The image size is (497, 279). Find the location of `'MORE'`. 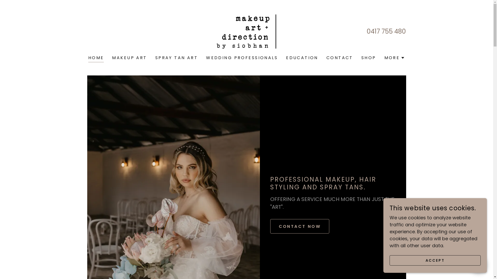

'MORE' is located at coordinates (394, 58).